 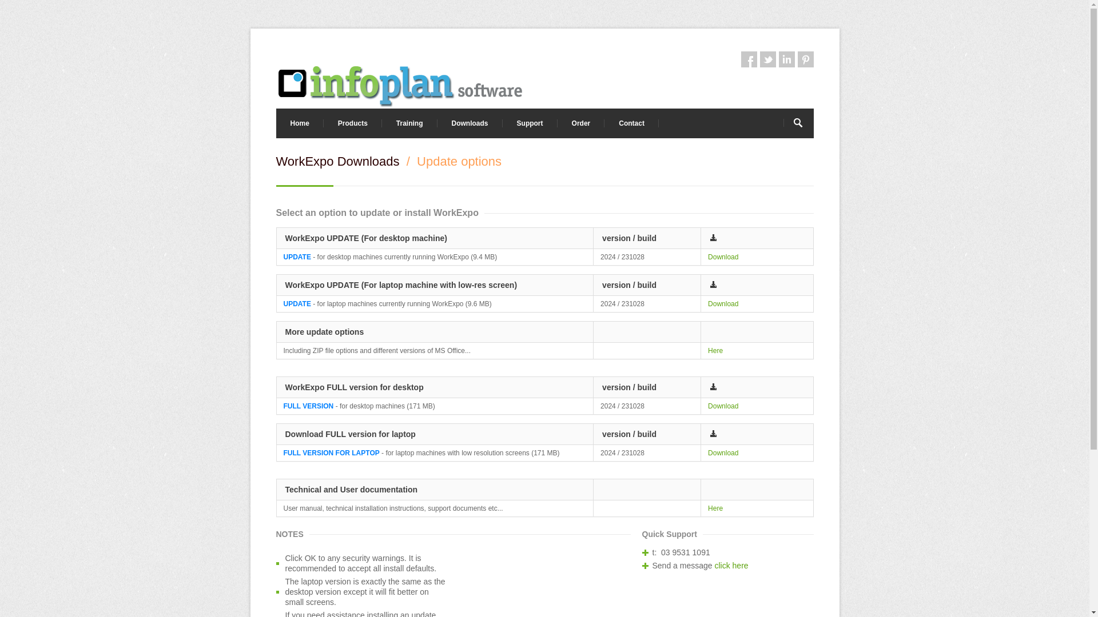 What do you see at coordinates (749, 59) in the screenshot?
I see `'Facebook'` at bounding box center [749, 59].